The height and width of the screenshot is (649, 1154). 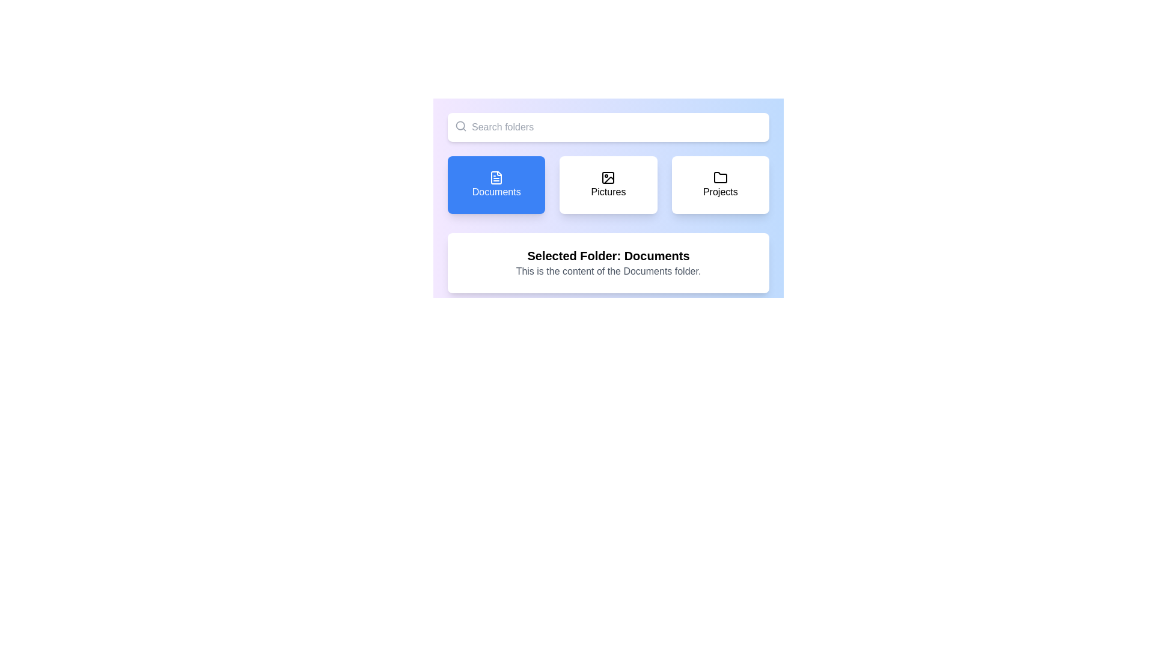 What do you see at coordinates (608, 185) in the screenshot?
I see `the 'Pictures' button, which is the second item in the grid layout between the 'Documents' and 'Projects' buttons` at bounding box center [608, 185].